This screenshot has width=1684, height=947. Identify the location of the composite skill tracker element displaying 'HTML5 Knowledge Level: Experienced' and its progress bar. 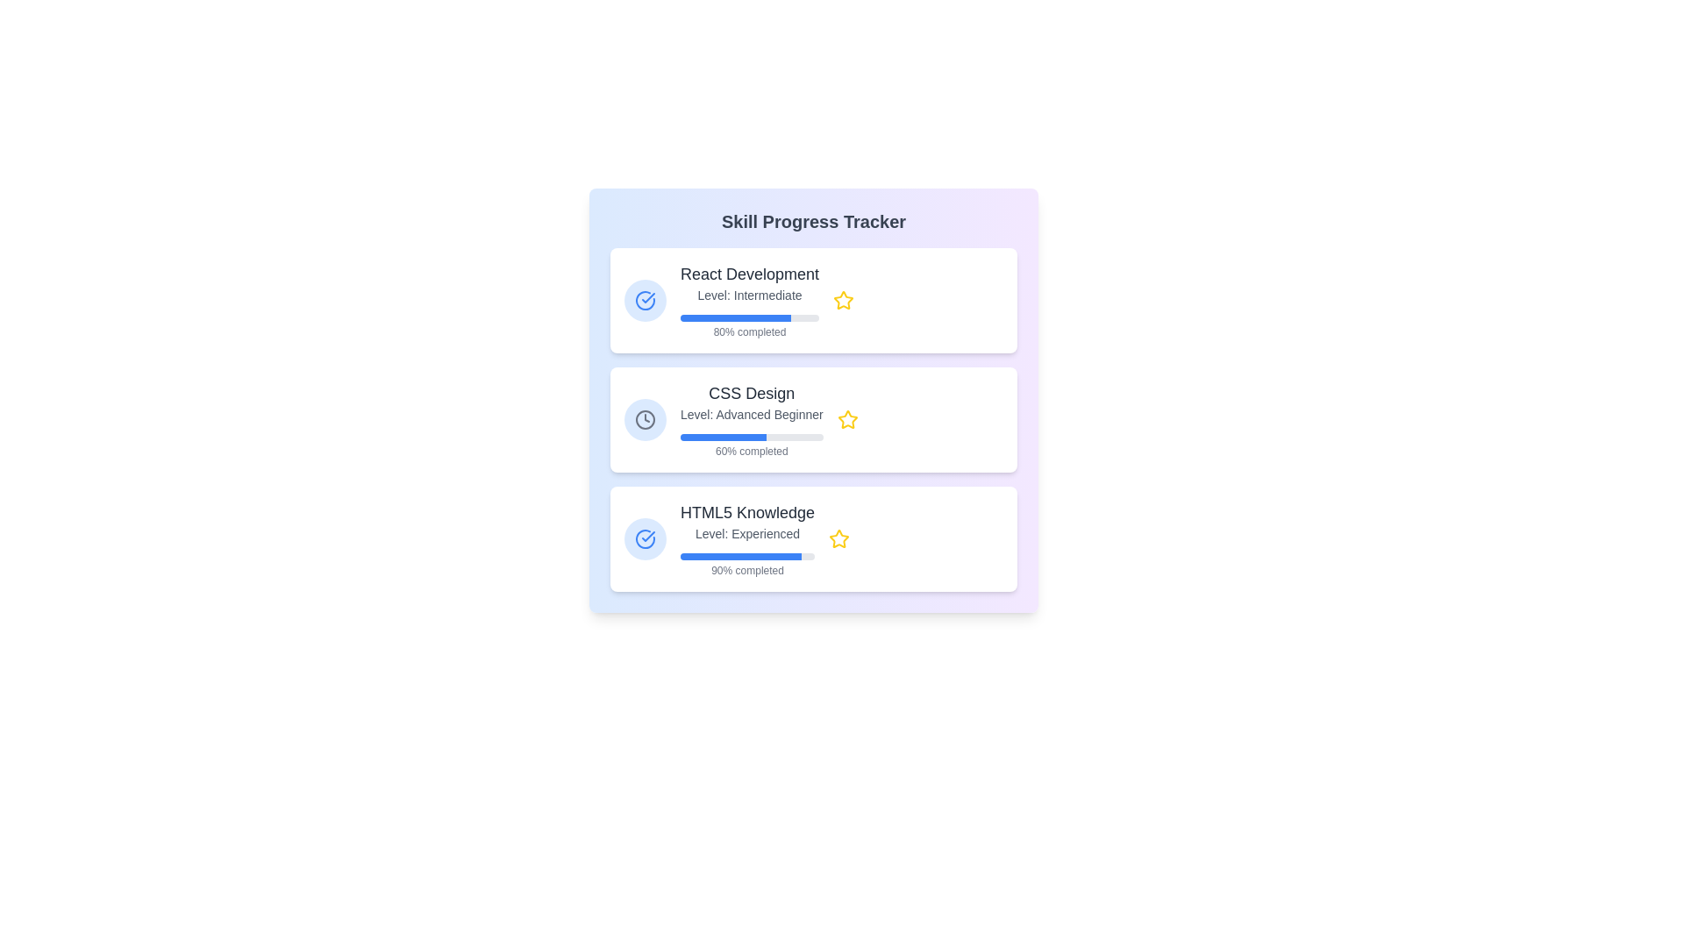
(747, 538).